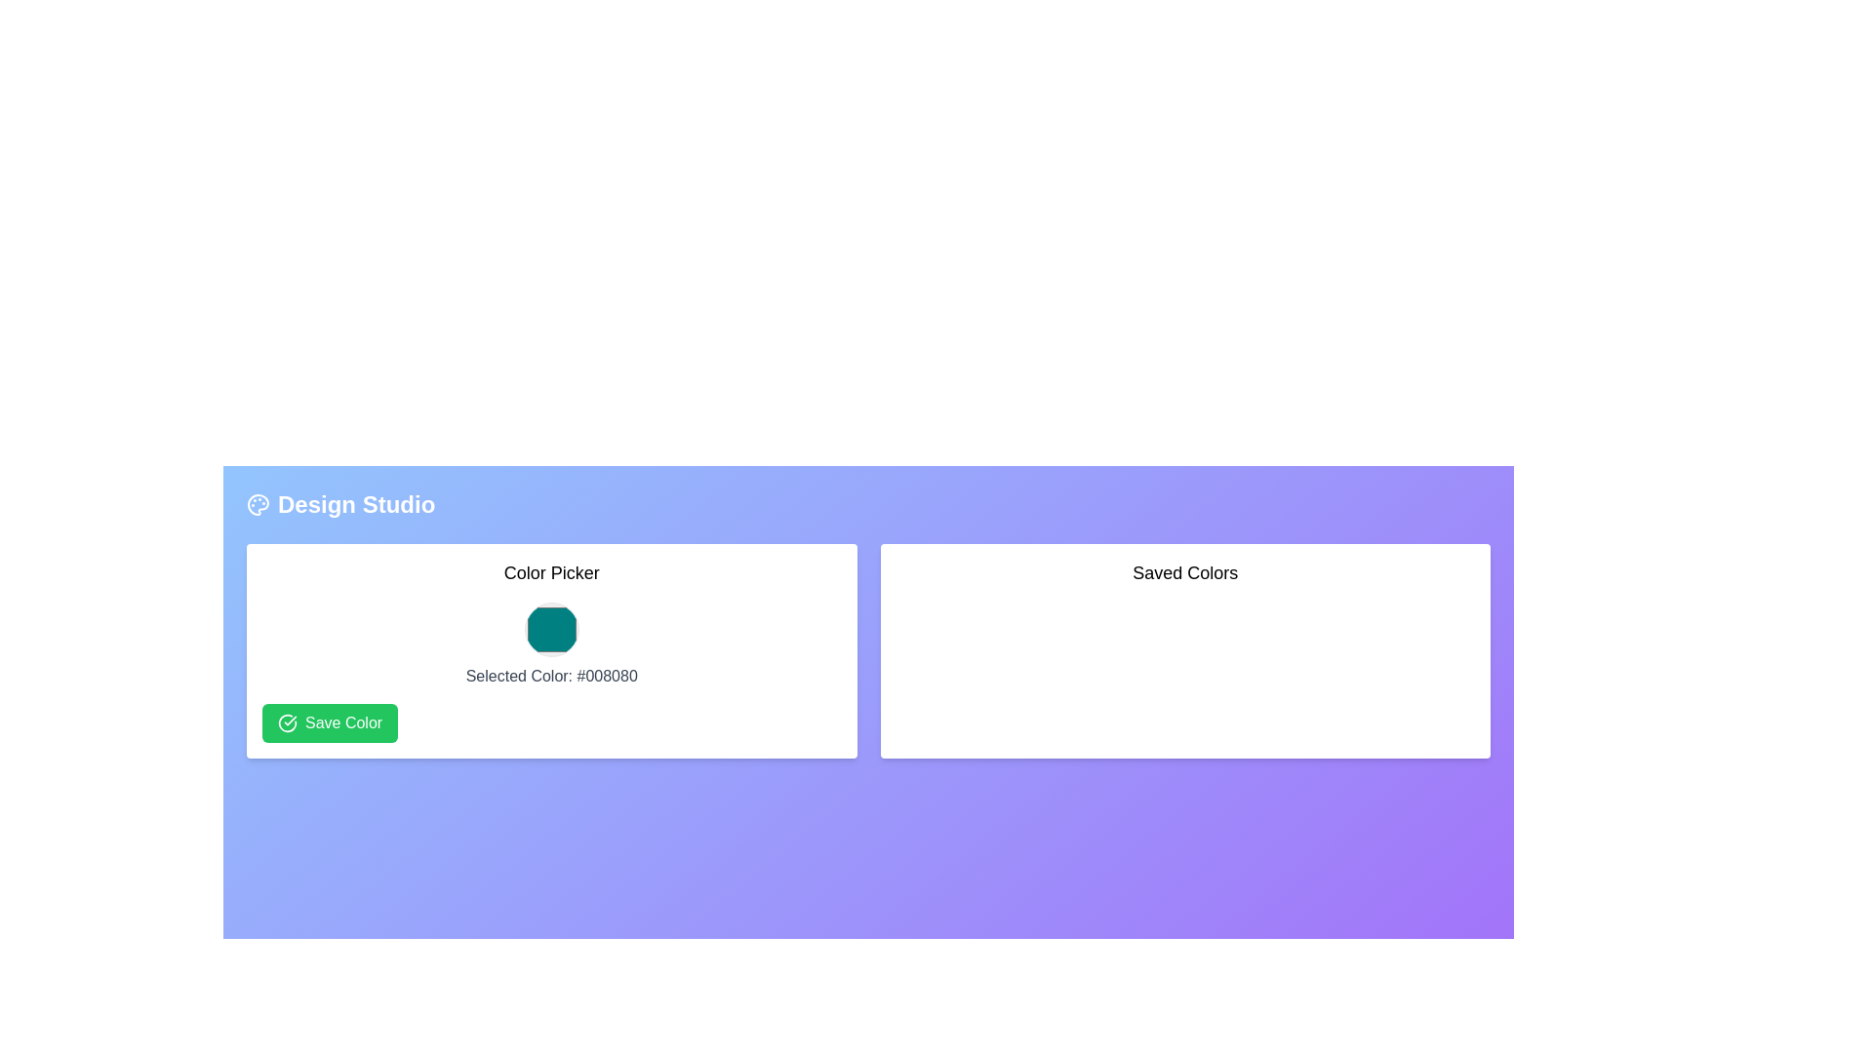  I want to click on the text label displaying 'Selected Color: #008080', which is styled in gray and located beneath the central circular color preview in the 'Color Picker' section, so click(550, 676).